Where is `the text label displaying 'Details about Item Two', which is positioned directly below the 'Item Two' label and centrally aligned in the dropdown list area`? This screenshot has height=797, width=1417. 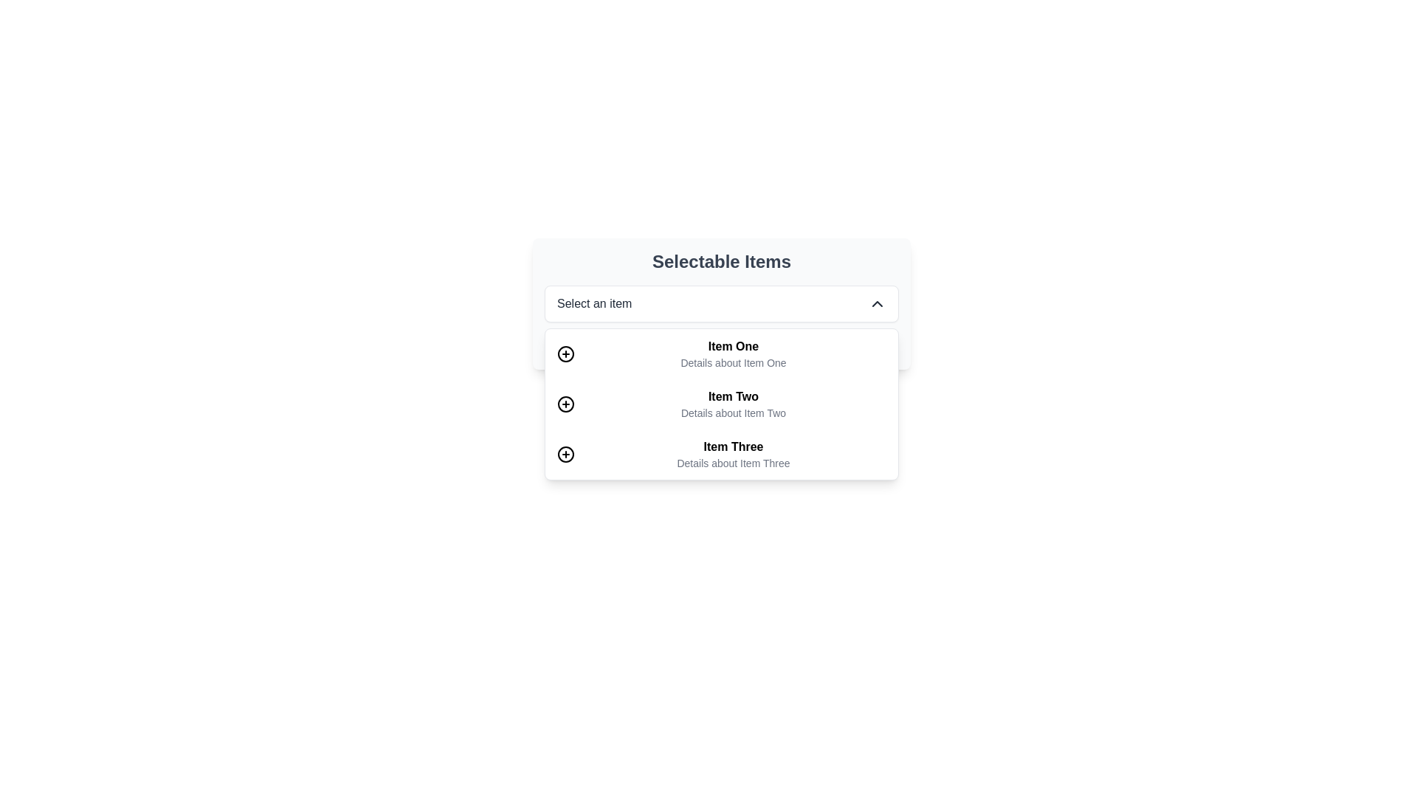
the text label displaying 'Details about Item Two', which is positioned directly below the 'Item Two' label and centrally aligned in the dropdown list area is located at coordinates (733, 413).